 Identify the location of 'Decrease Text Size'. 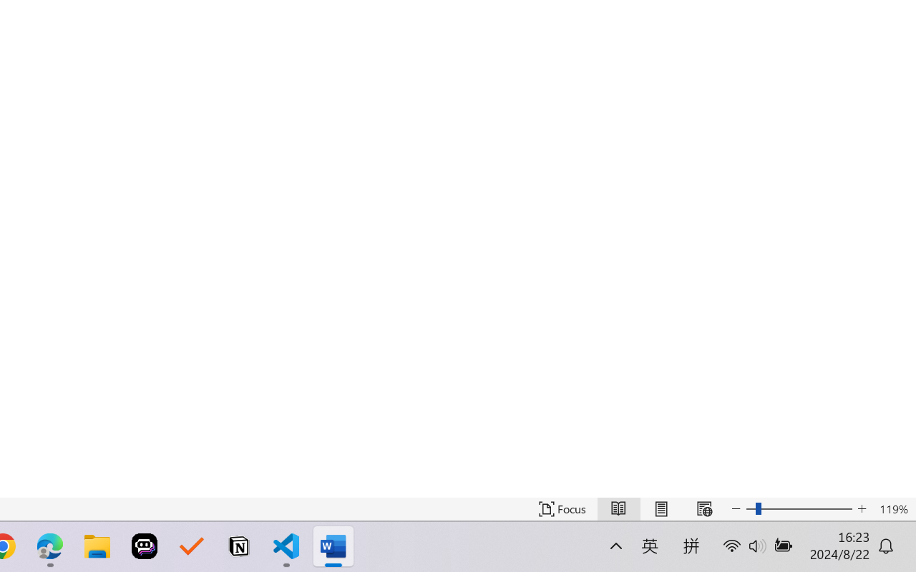
(736, 508).